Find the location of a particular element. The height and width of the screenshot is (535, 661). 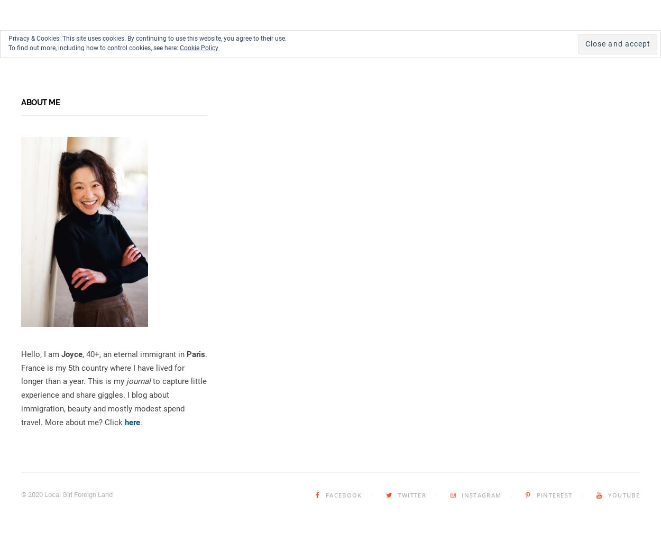

'Hello, I am' is located at coordinates (41, 353).